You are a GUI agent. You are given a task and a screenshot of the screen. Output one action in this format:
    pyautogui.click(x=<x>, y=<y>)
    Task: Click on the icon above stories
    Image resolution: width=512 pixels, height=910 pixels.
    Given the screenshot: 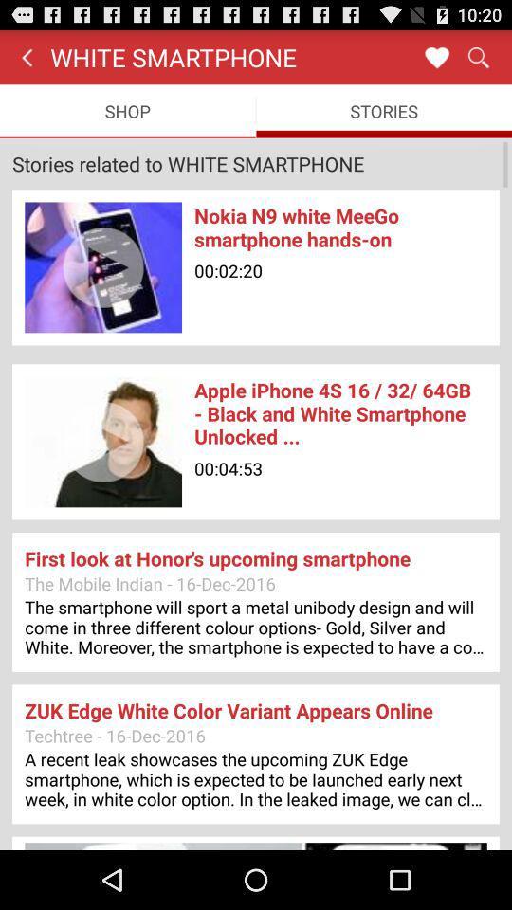 What is the action you would take?
    pyautogui.click(x=436, y=56)
    